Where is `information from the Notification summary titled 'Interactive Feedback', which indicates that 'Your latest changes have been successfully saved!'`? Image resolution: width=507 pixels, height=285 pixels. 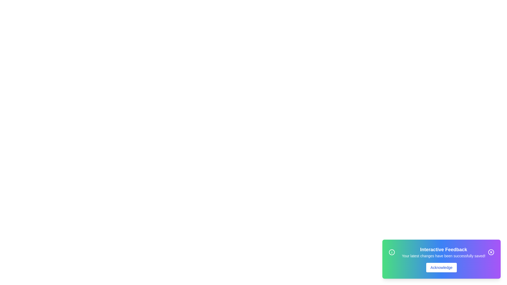
information from the Notification summary titled 'Interactive Feedback', which indicates that 'Your latest changes have been successfully saved!' is located at coordinates (441, 252).